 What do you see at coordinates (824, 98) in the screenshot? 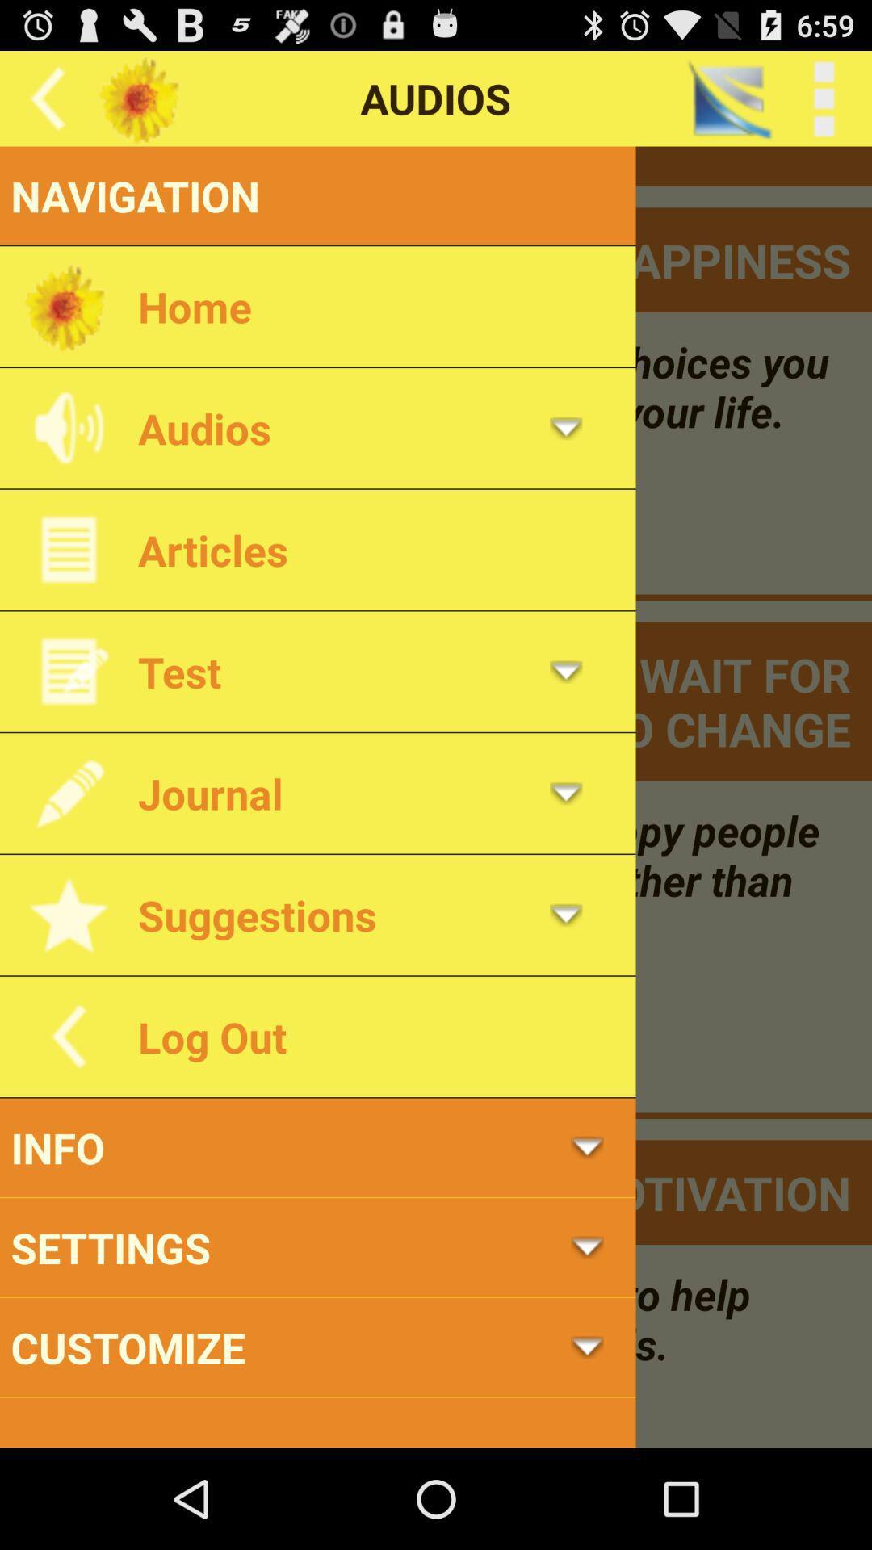
I see `the three dots button on the top right corner of the web page` at bounding box center [824, 98].